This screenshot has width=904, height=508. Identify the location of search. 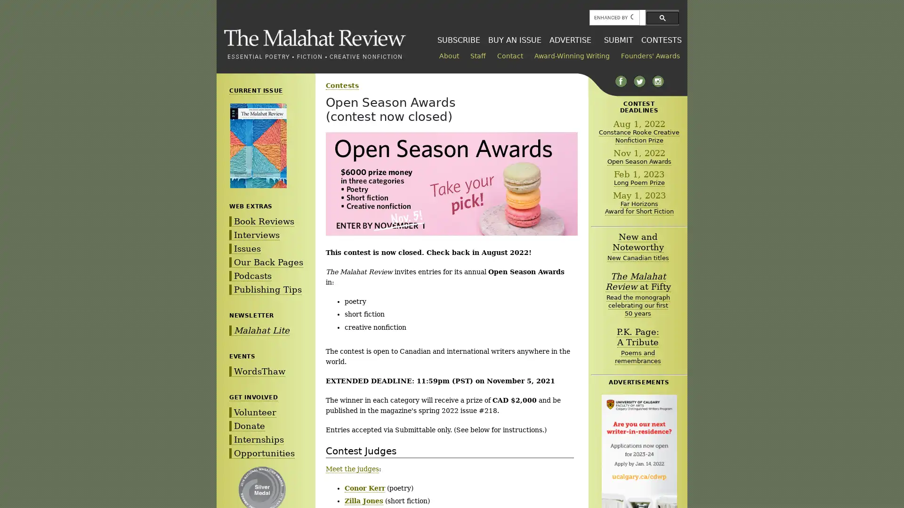
(662, 17).